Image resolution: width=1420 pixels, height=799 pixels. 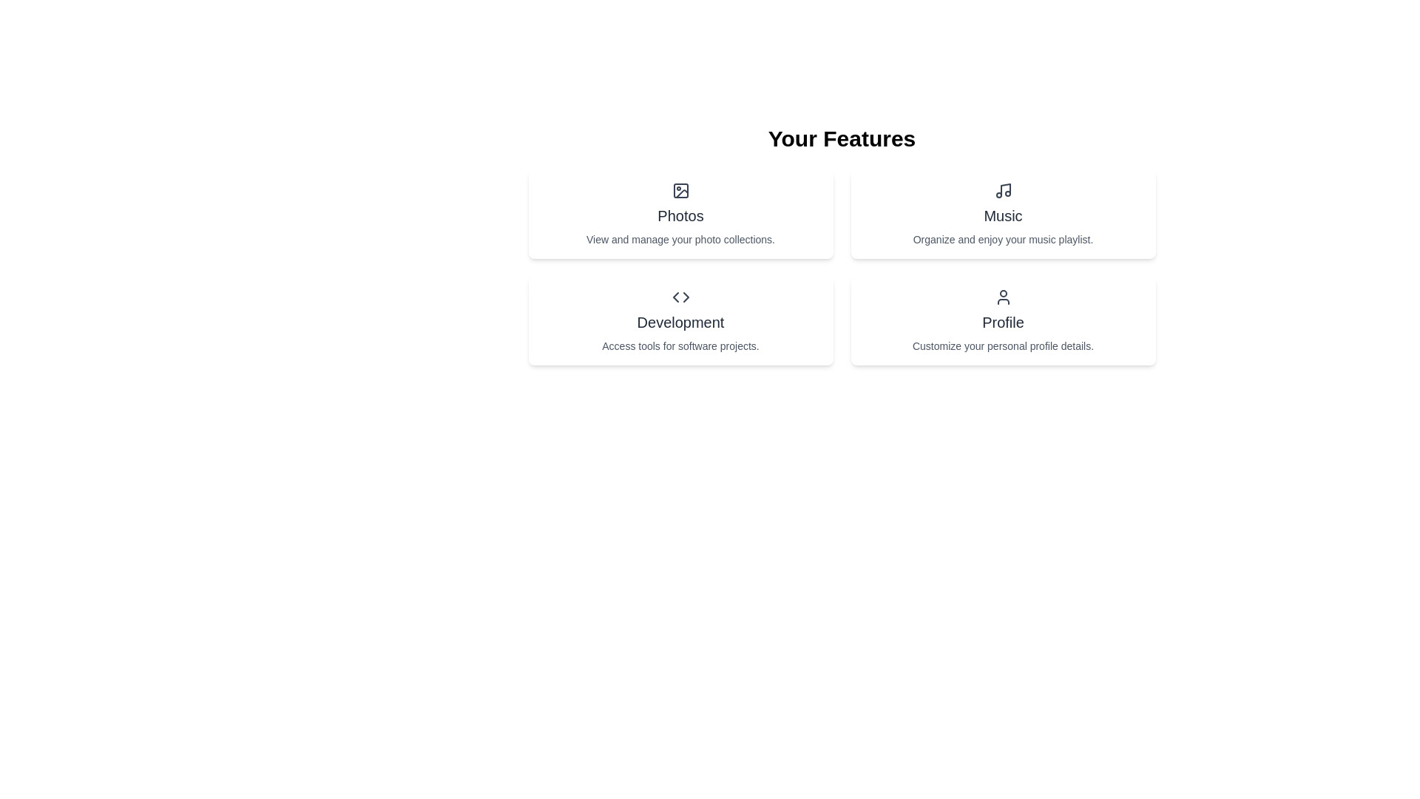 I want to click on the 'Photos' icon located at the top-center of the 'Photos' card element in the top-left section of the grid layout, so click(x=680, y=190).